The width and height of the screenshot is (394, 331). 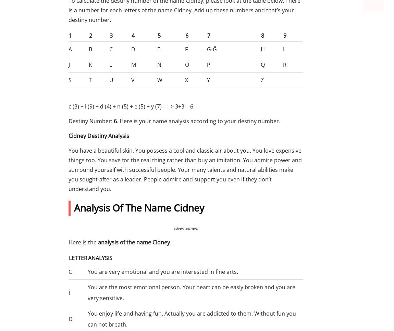 What do you see at coordinates (111, 80) in the screenshot?
I see `'U'` at bounding box center [111, 80].